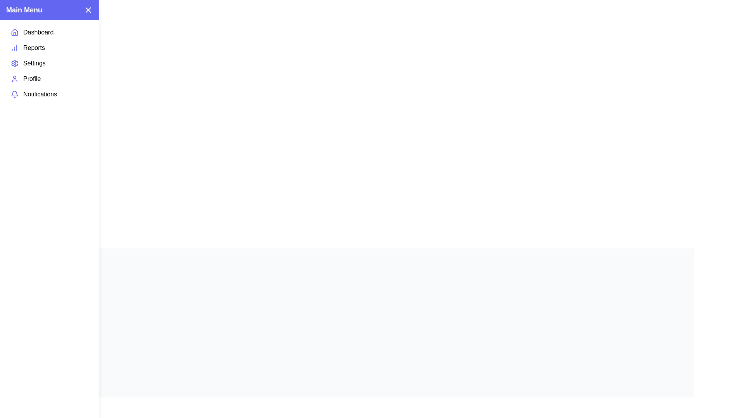 This screenshot has width=744, height=418. What do you see at coordinates (49, 32) in the screenshot?
I see `the first menu item in the navigation sidebar, located beneath the 'Main Menu' header` at bounding box center [49, 32].